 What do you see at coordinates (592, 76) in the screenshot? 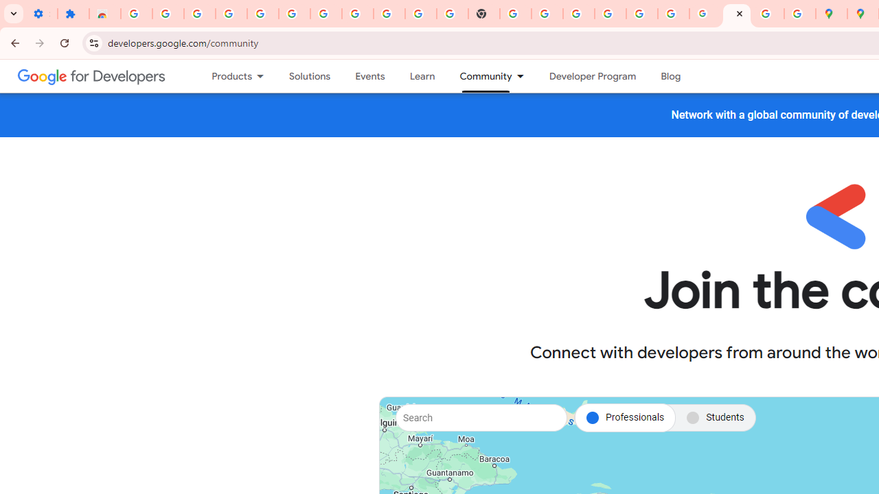
I see `'Developer Program'` at bounding box center [592, 76].